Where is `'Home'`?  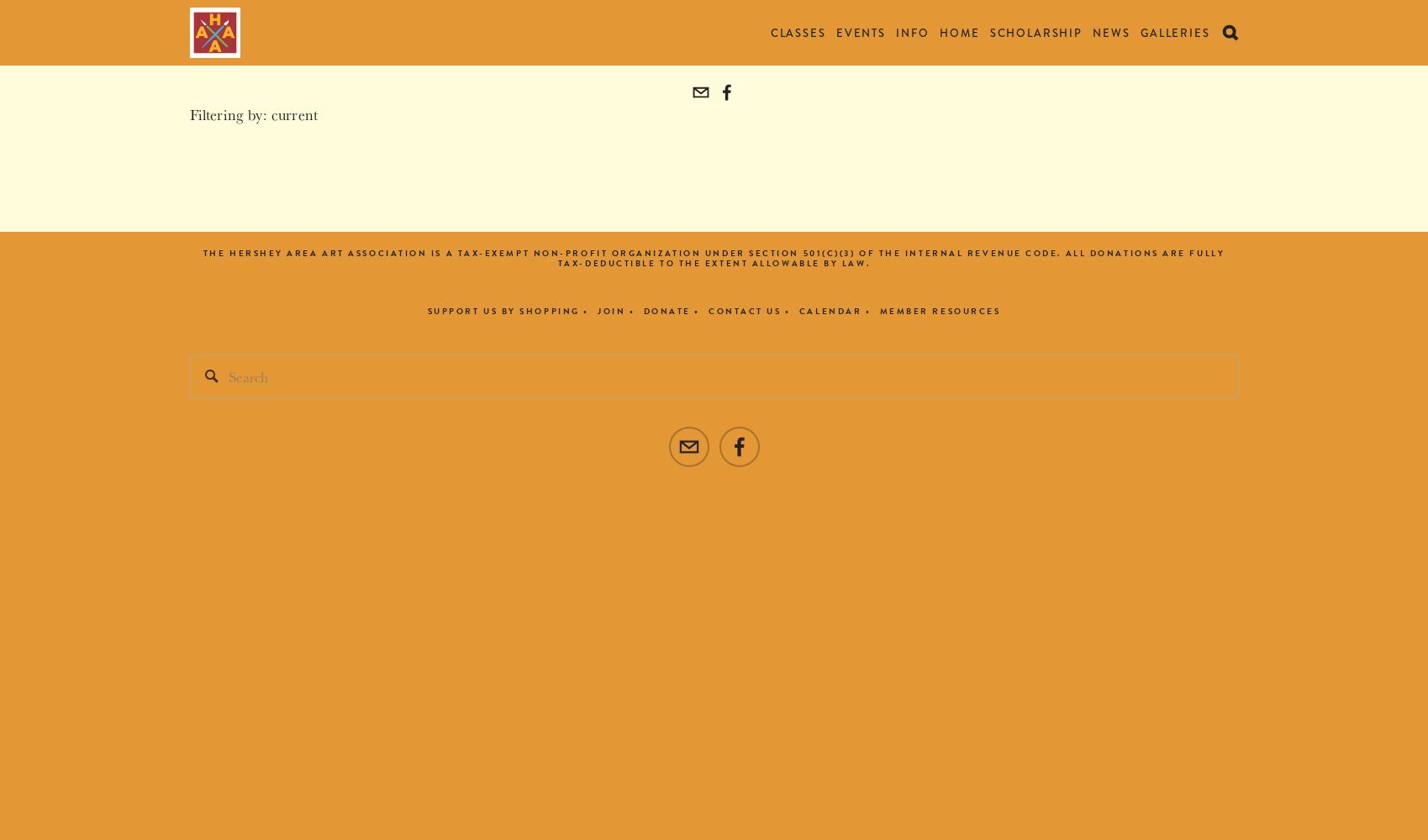
'Home' is located at coordinates (938, 32).